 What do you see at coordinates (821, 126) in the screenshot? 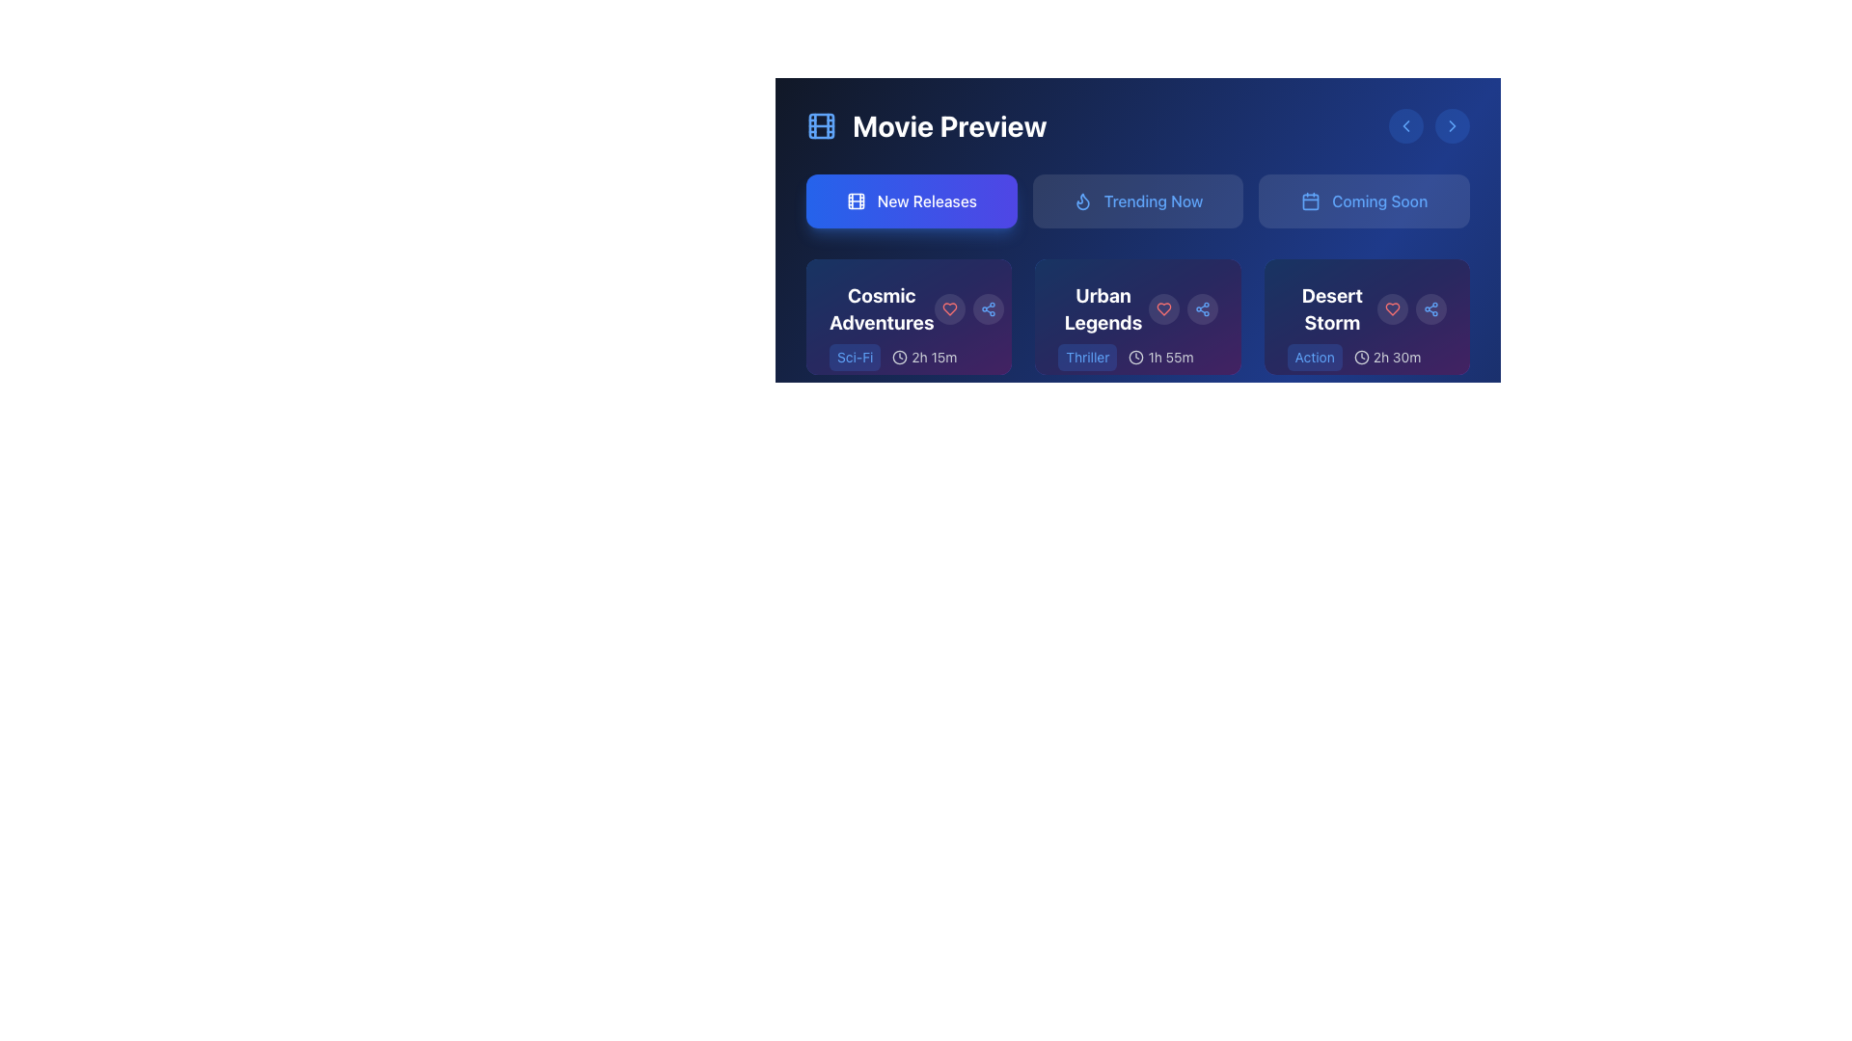
I see `the rounded rectangle within the film reel icon, which features a blue background and is located at the top-left corner of the layout` at bounding box center [821, 126].